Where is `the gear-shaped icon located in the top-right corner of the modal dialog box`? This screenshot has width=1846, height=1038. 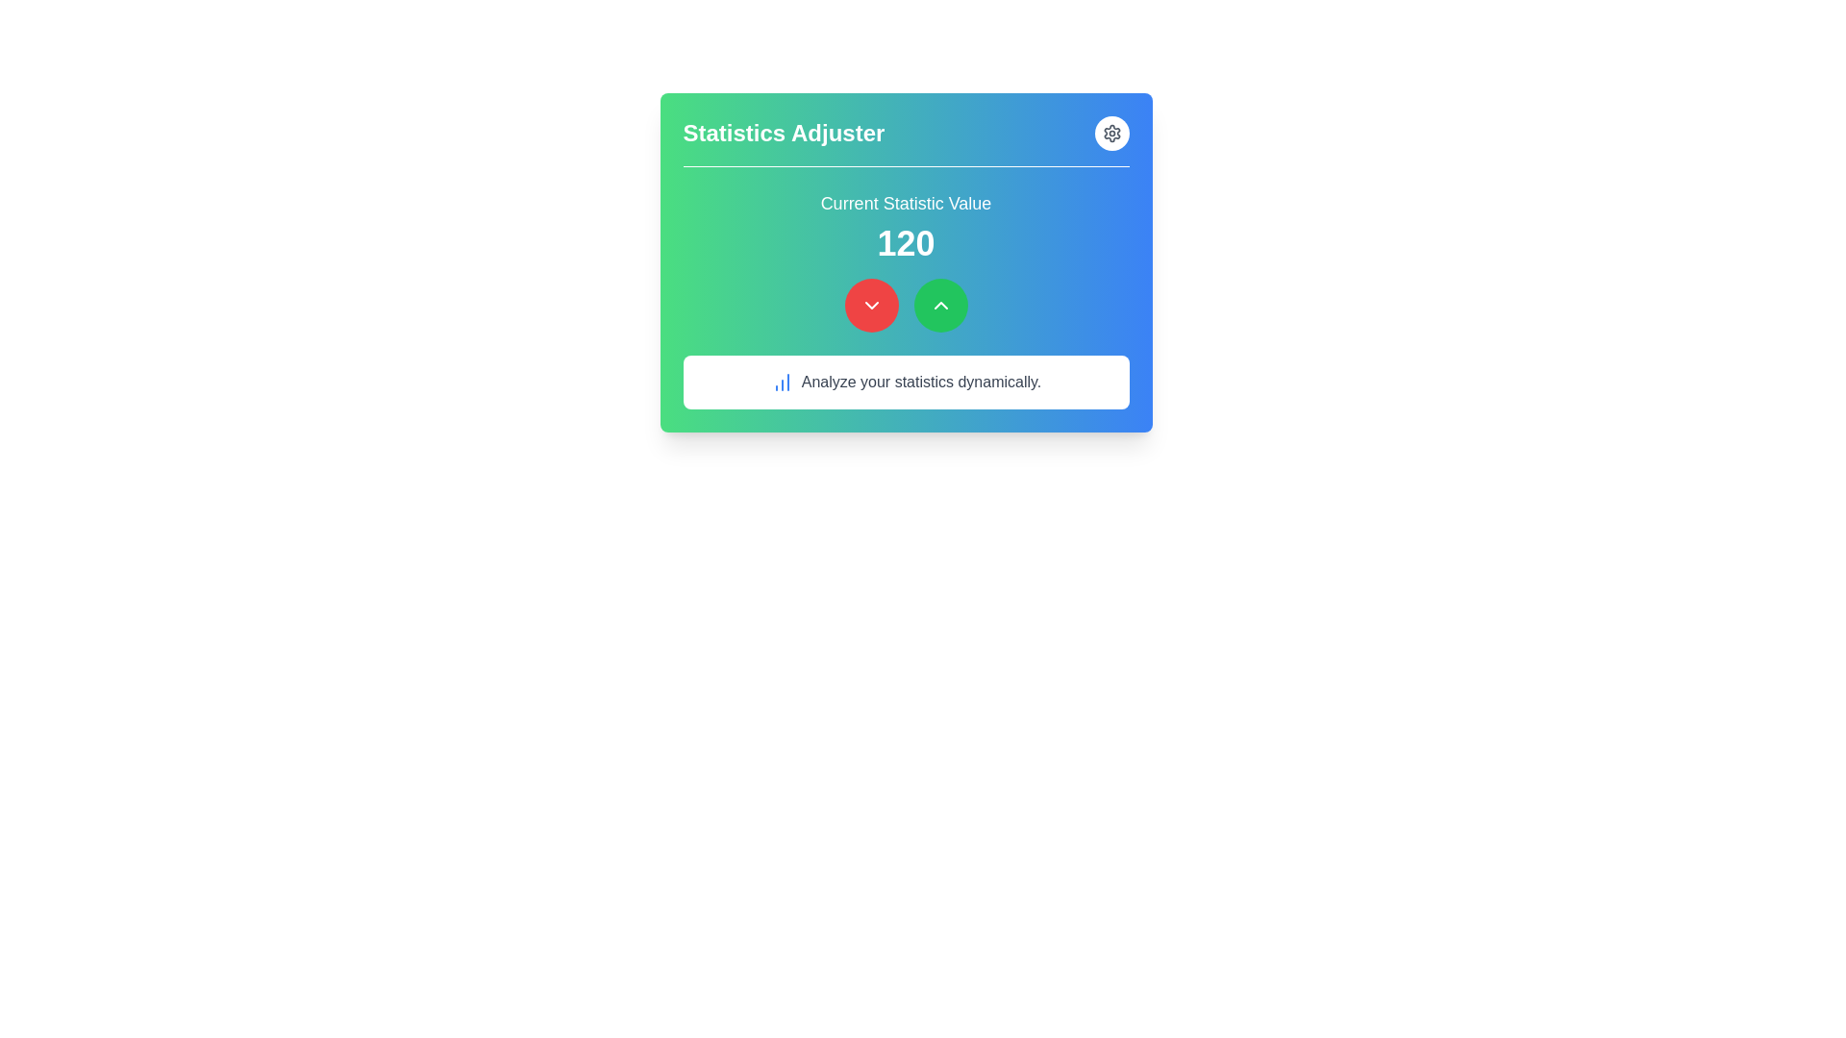 the gear-shaped icon located in the top-right corner of the modal dialog box is located at coordinates (1111, 132).